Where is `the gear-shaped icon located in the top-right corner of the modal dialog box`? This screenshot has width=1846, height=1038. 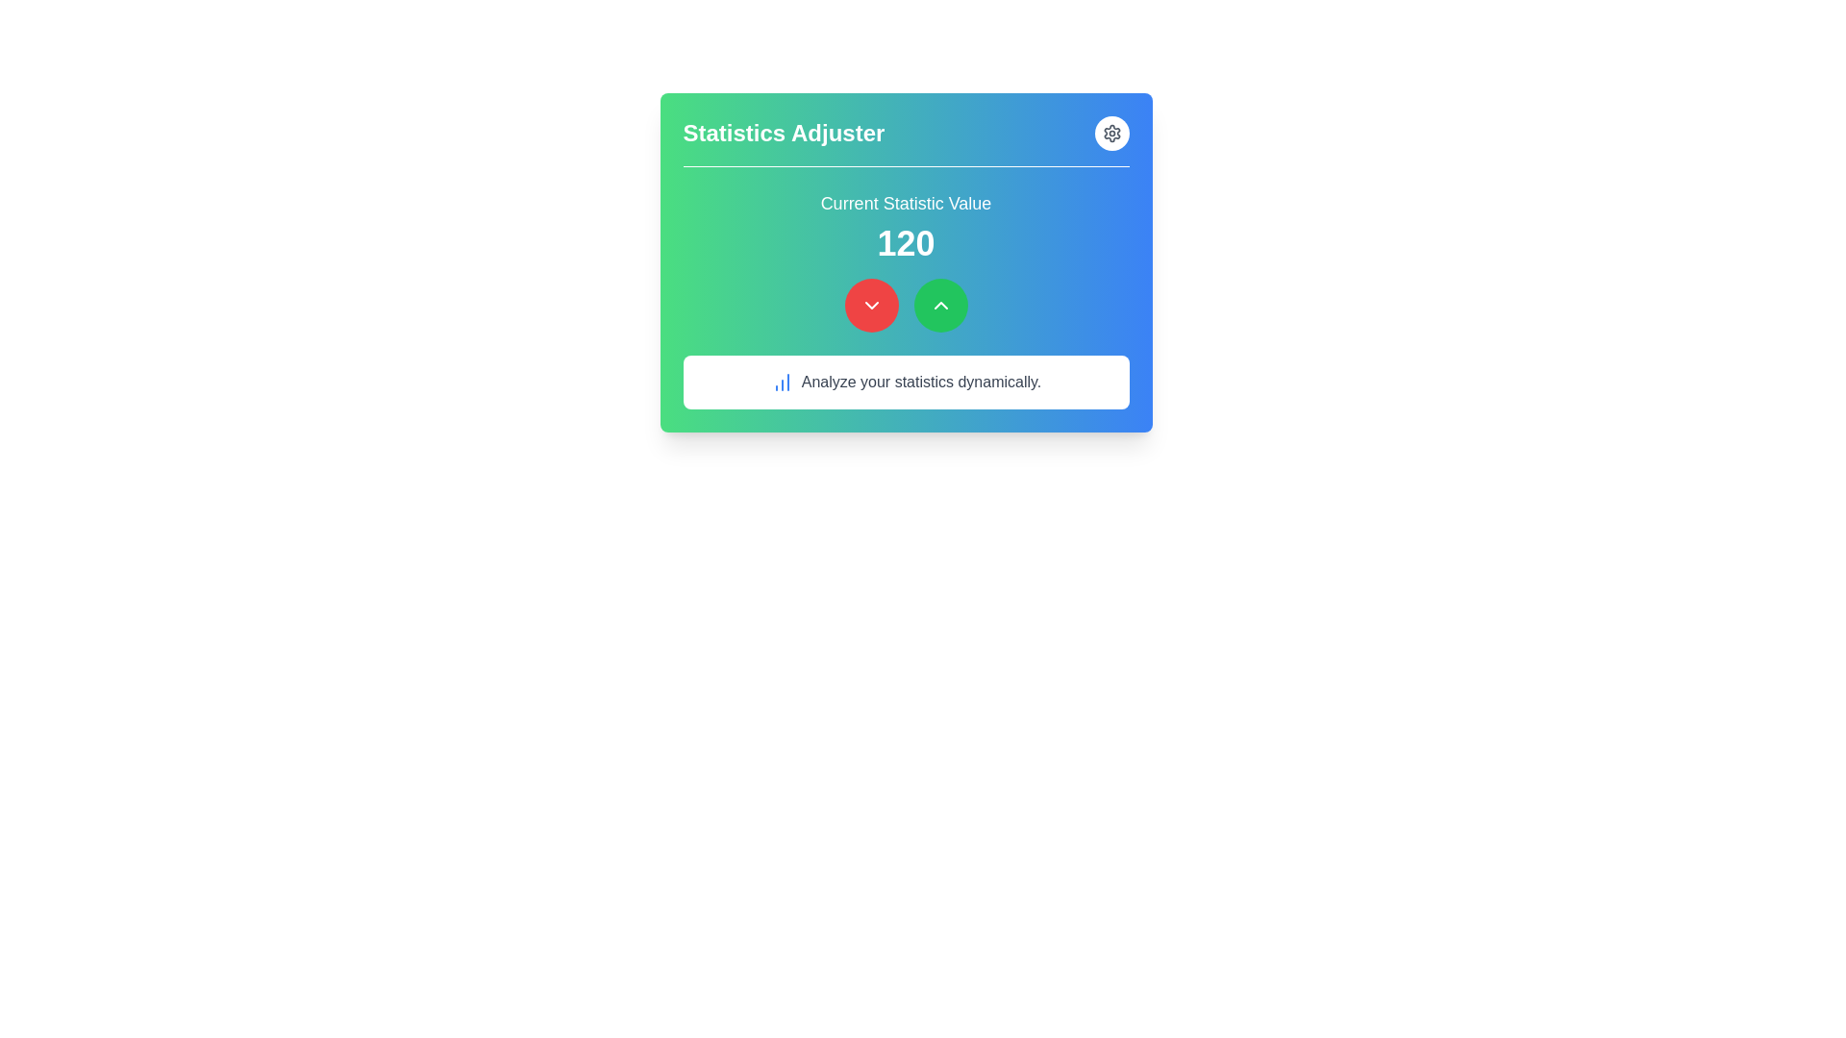 the gear-shaped icon located in the top-right corner of the modal dialog box is located at coordinates (1111, 132).